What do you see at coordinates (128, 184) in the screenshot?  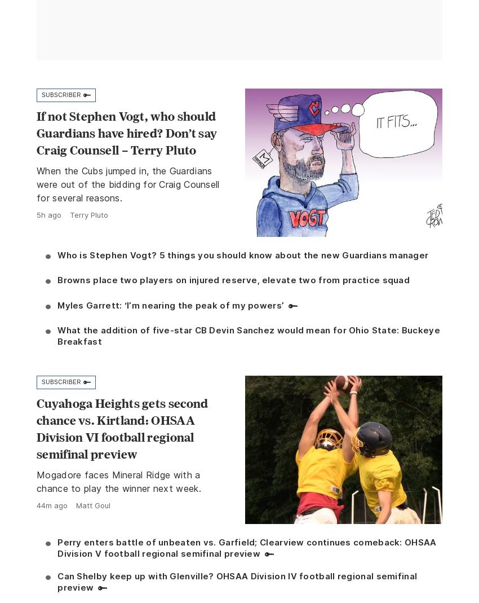 I see `'When the Cubs jumped in, the Guardians were out of the bidding for Craig Counsell for several reasons.'` at bounding box center [128, 184].